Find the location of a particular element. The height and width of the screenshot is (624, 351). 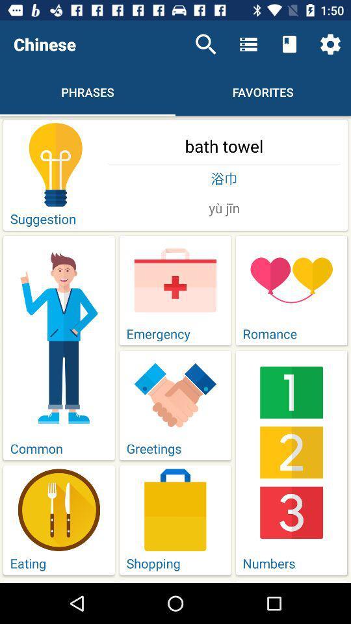

icon above the favorites icon is located at coordinates (289, 44).